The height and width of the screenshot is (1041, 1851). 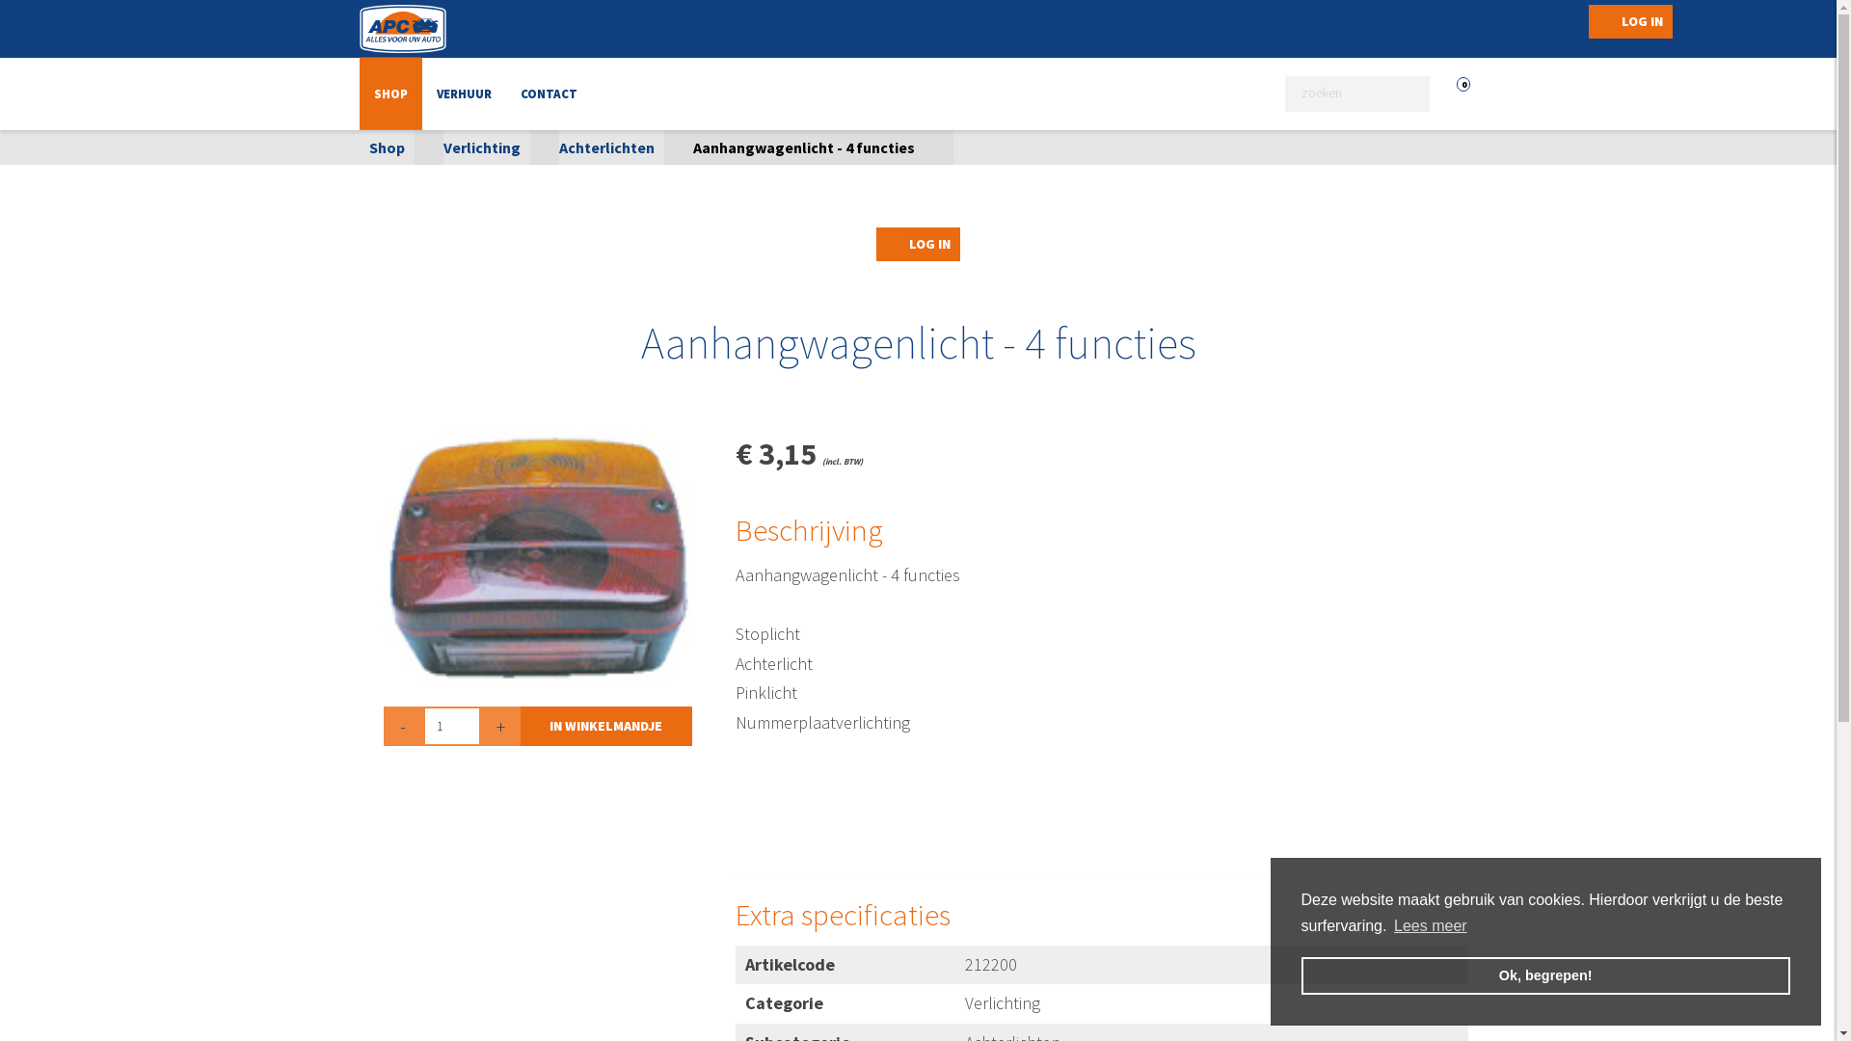 I want to click on 'Shop', so click(x=386, y=147).